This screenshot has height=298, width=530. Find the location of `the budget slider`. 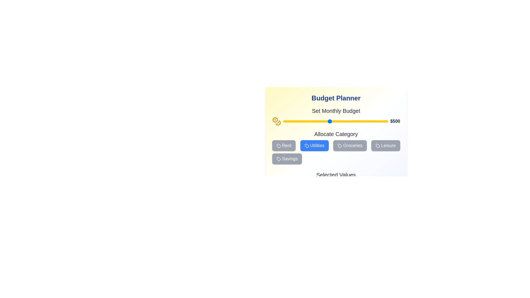

the budget slider is located at coordinates (337, 121).